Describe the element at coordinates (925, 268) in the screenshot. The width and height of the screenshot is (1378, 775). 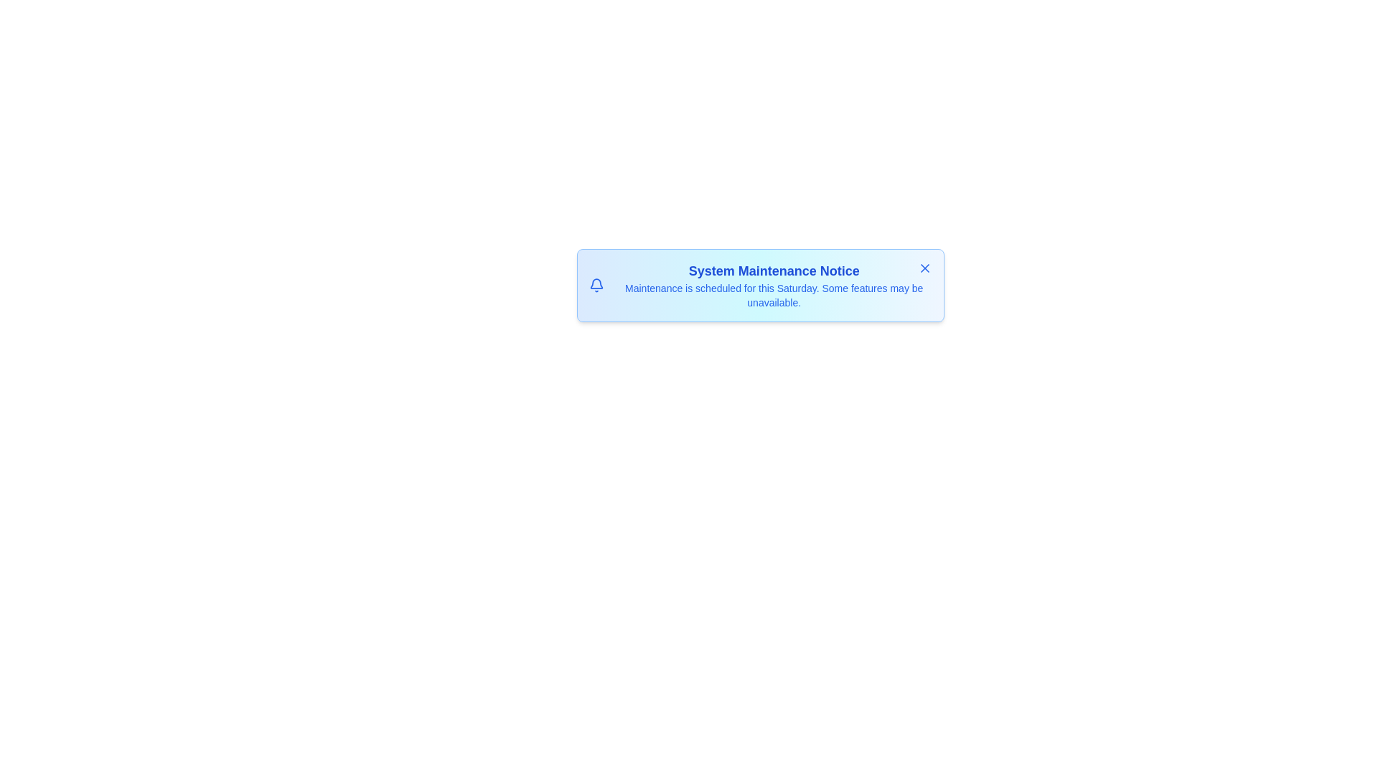
I see `the close button to dismiss the alert` at that location.